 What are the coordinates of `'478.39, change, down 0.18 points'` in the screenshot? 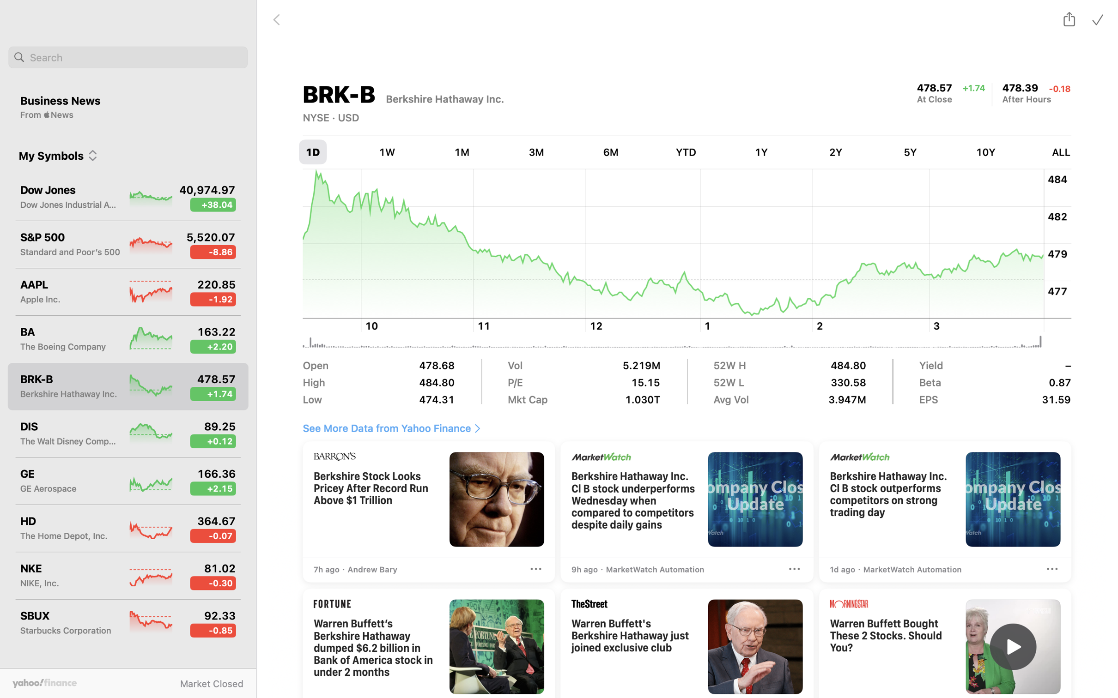 It's located at (1020, 88).